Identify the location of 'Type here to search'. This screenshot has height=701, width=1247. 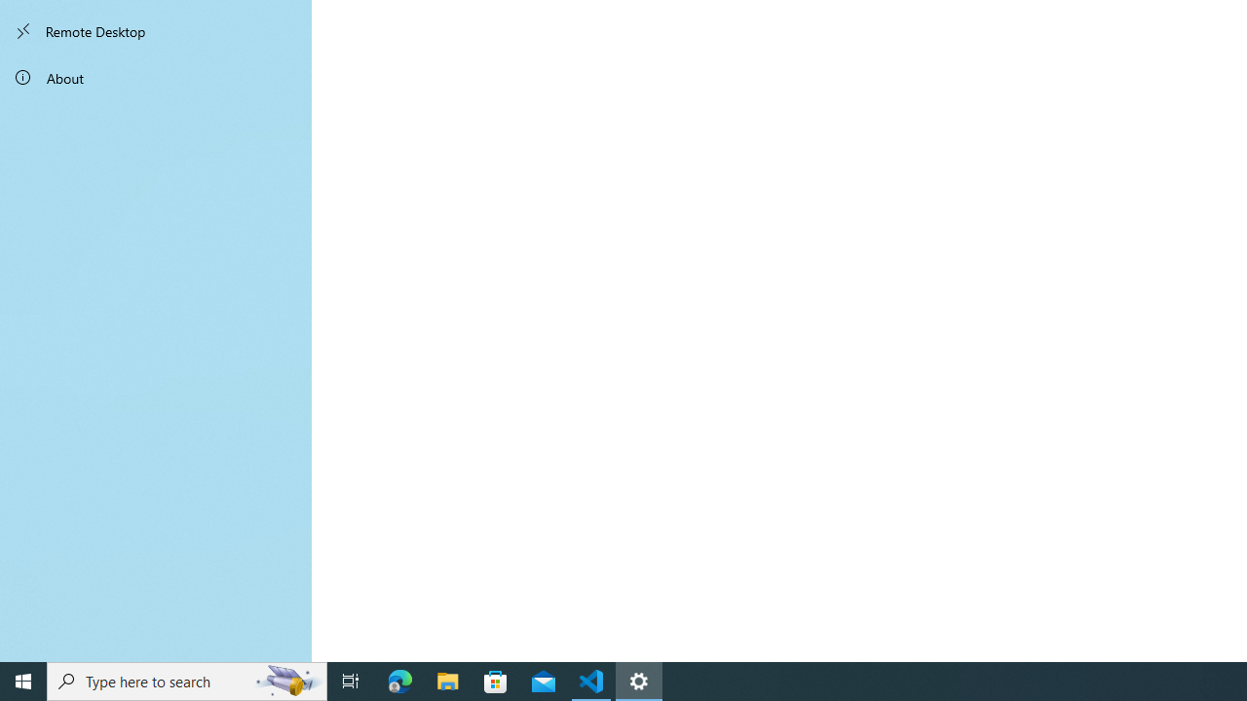
(187, 680).